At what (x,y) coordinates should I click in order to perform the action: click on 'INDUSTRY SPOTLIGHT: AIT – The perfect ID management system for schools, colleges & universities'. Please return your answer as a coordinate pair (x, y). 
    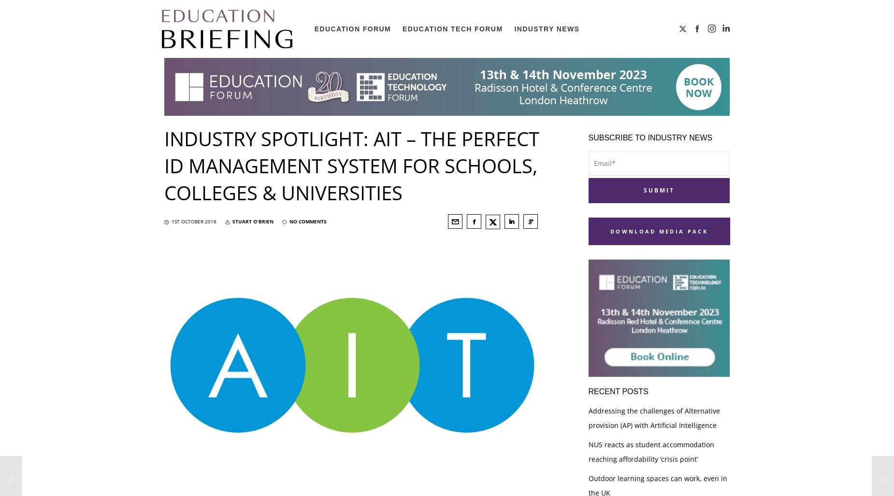
    Looking at the image, I should click on (164, 165).